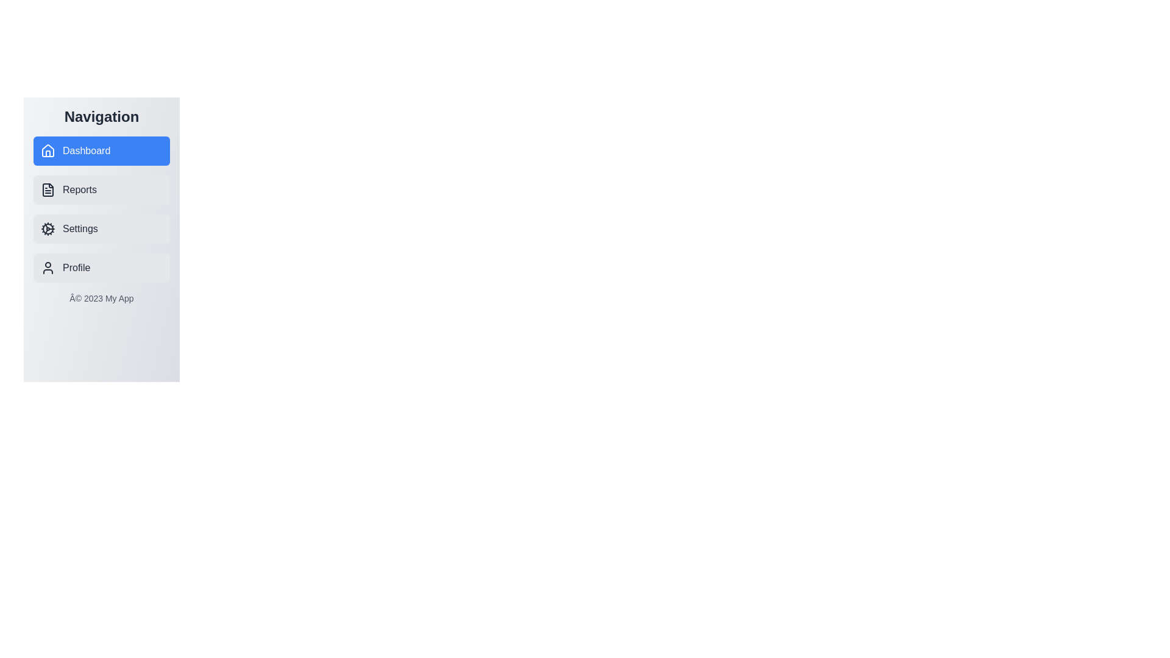  What do you see at coordinates (102, 267) in the screenshot?
I see `the 'Profile' navigation button located in the vertical list of navigation options in the sidebar` at bounding box center [102, 267].